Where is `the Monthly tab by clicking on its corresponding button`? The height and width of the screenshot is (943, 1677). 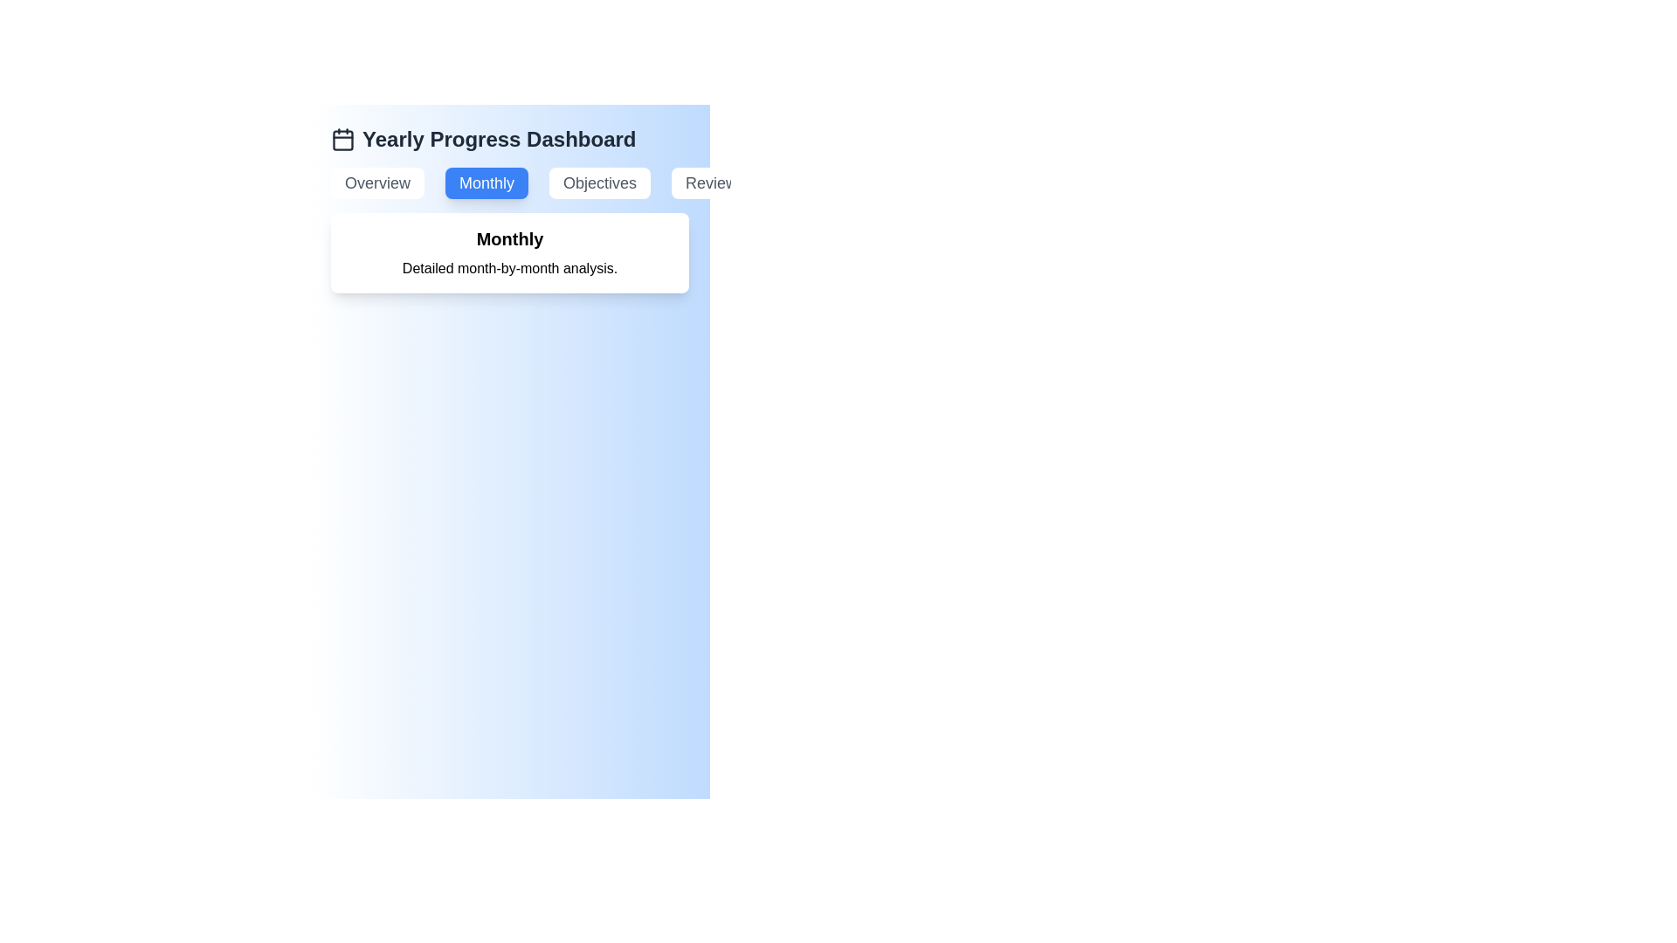
the Monthly tab by clicking on its corresponding button is located at coordinates (487, 182).